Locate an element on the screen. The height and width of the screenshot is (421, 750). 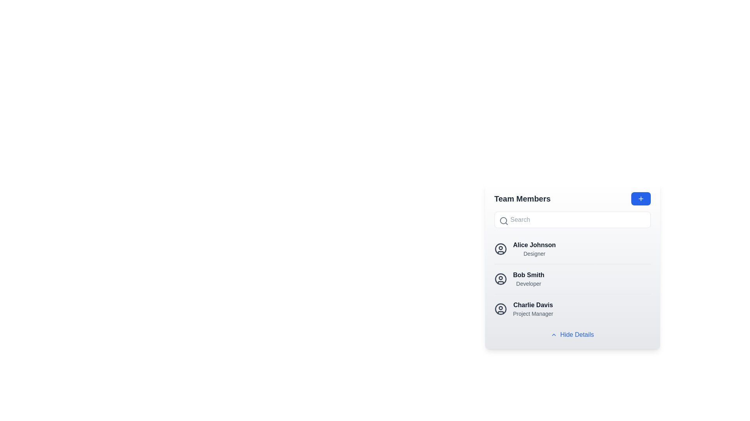
the 'Hide Details' text hyperlink styled in blue, located at the bottom of the 'Team Members' panel, to observe potential visual responses is located at coordinates (577, 334).